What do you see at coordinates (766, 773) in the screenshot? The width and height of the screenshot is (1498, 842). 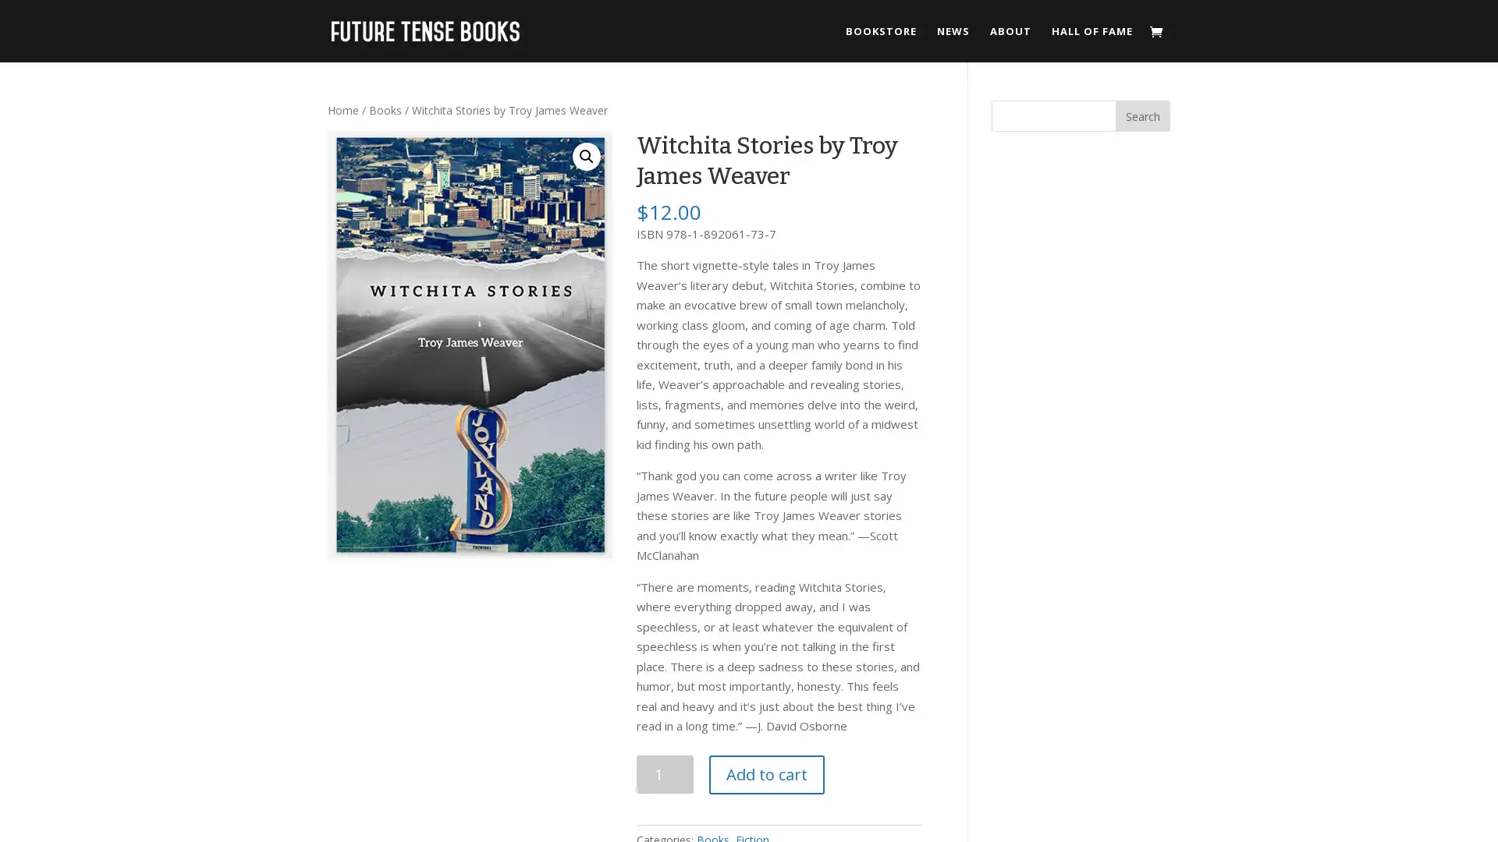 I see `Add to cart 5` at bounding box center [766, 773].